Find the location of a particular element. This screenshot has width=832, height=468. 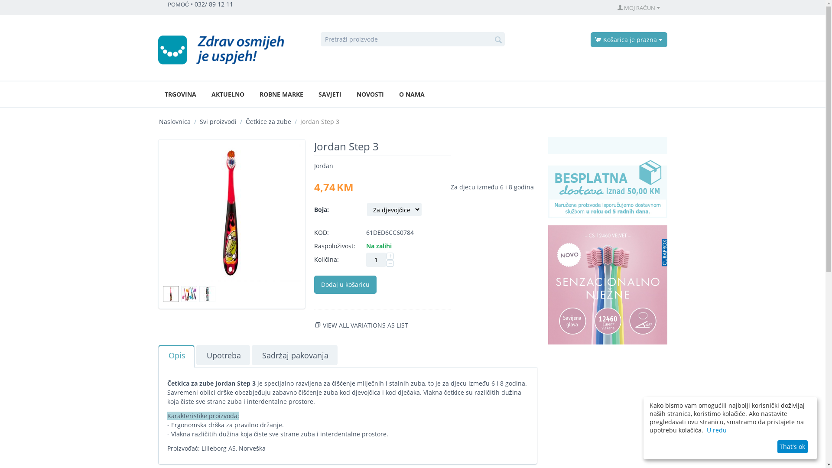

'U redu' is located at coordinates (717, 430).